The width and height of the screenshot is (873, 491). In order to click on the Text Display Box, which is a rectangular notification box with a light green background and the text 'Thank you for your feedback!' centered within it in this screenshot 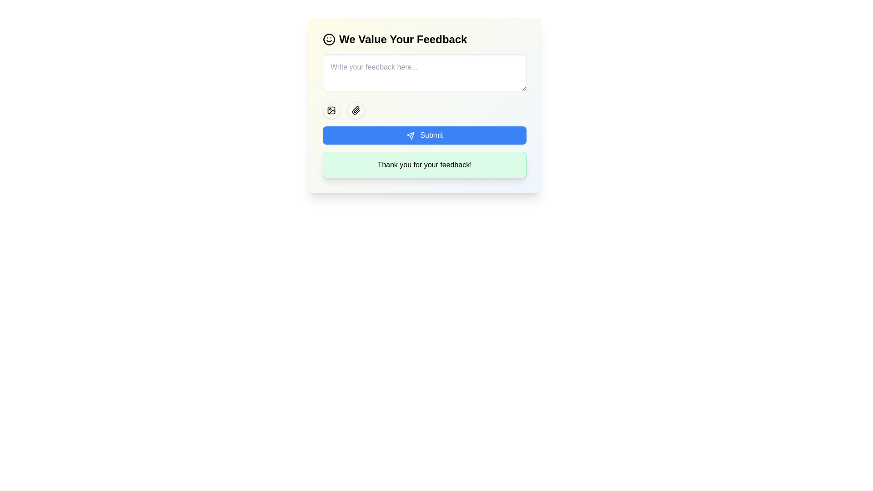, I will do `click(424, 165)`.